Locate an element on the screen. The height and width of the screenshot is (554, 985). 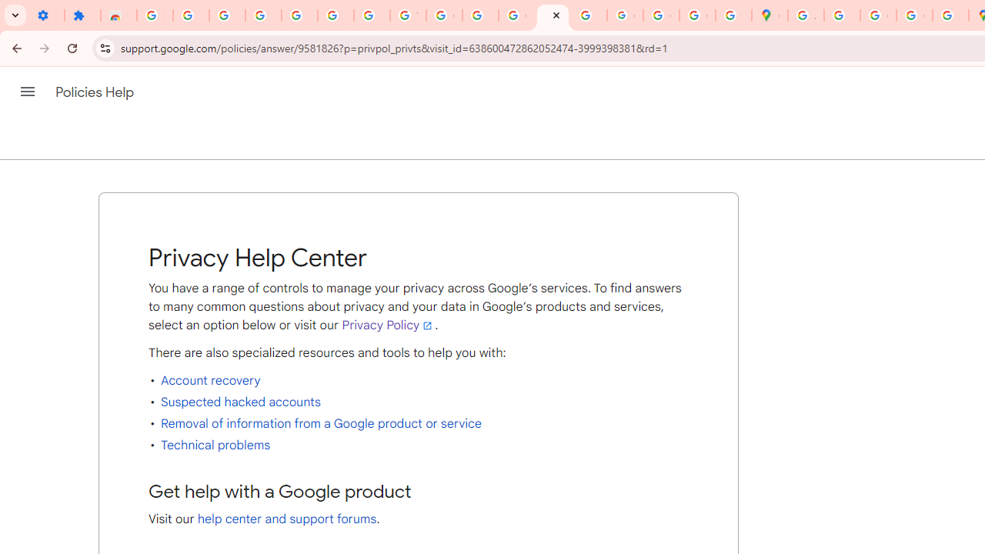
'Google Maps' is located at coordinates (770, 15).